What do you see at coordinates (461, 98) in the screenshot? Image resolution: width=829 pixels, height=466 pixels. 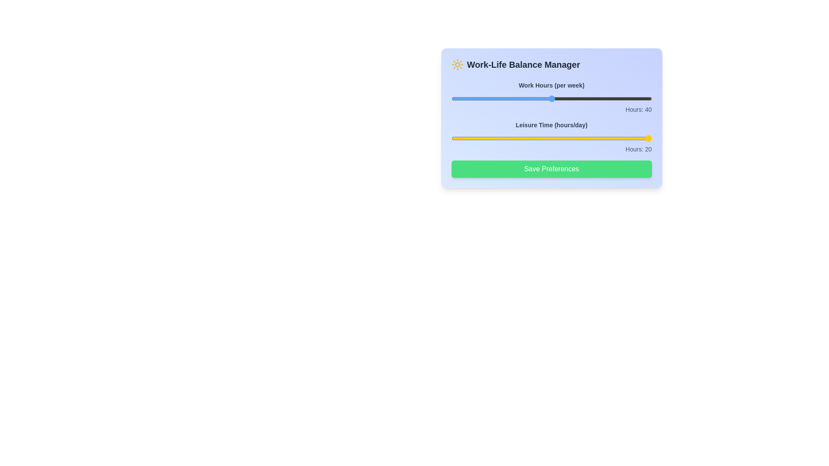 I see `the 'Work Hours' slider to set it to 22 hours per week` at bounding box center [461, 98].